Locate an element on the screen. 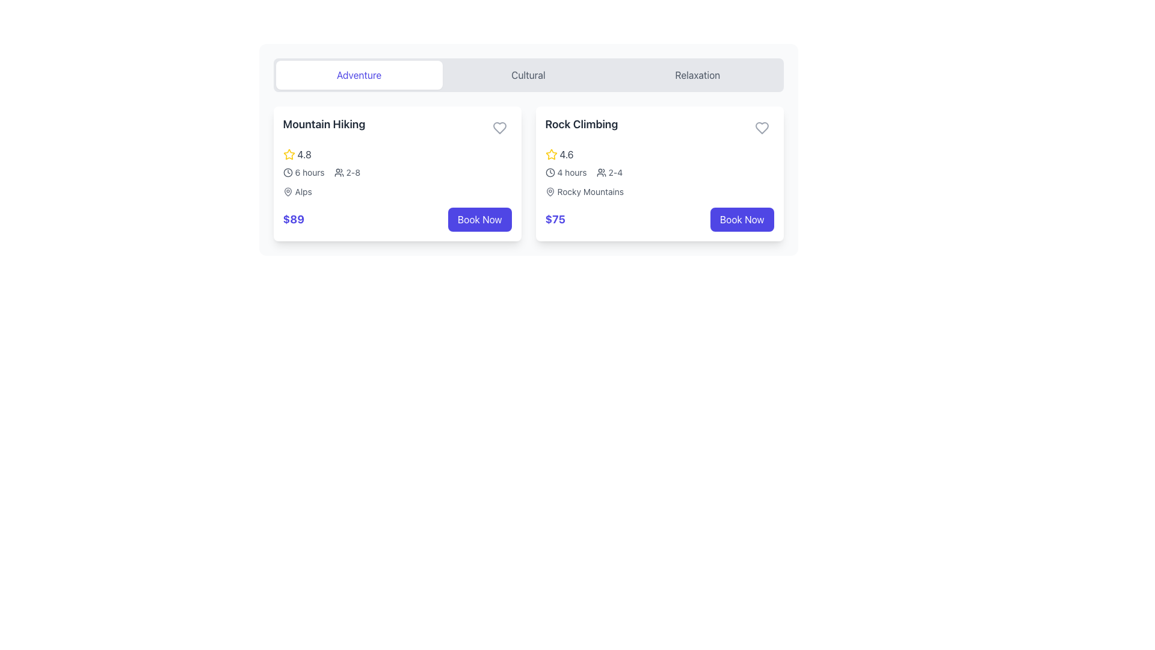  the 'Book Now' button, which is a rectangular button with rounded corners, filled with indigo color and white text, located at the bottom-right corner of the 'Rock Climbing' card is located at coordinates (741, 220).